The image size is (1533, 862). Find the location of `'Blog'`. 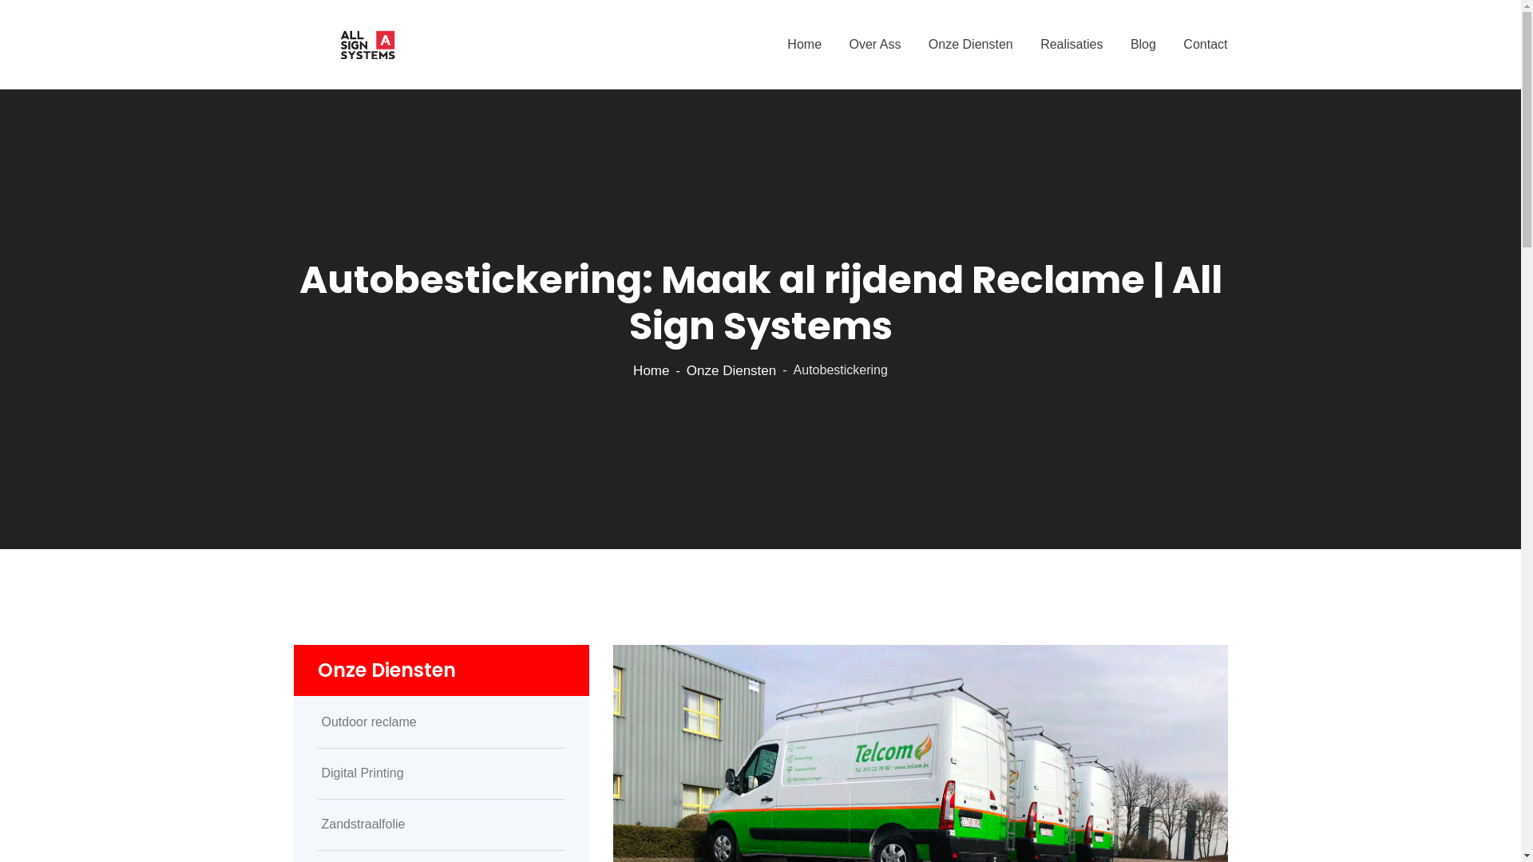

'Blog' is located at coordinates (1142, 44).